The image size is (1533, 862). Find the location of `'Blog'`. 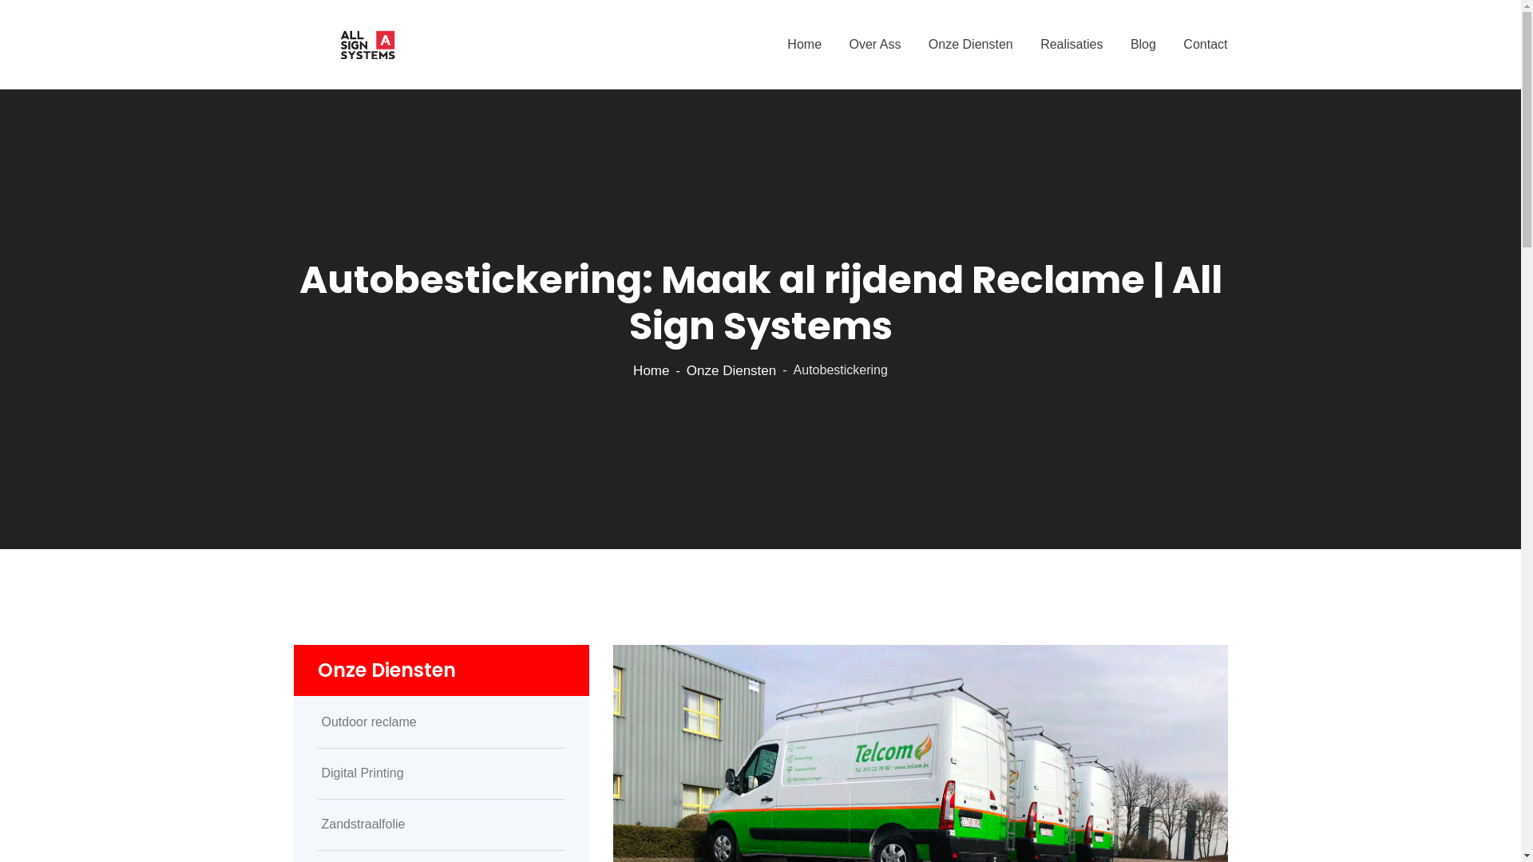

'Blog' is located at coordinates (1142, 44).